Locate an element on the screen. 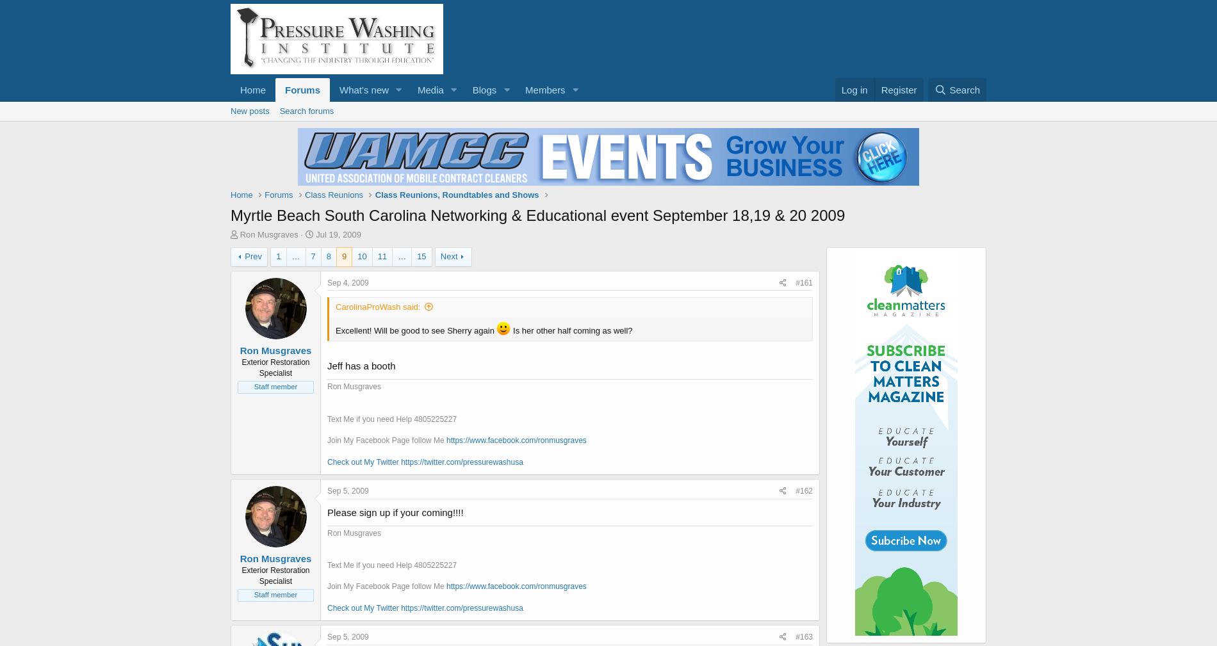  'Class Reunions, Roundtables and Shows' is located at coordinates (456, 194).